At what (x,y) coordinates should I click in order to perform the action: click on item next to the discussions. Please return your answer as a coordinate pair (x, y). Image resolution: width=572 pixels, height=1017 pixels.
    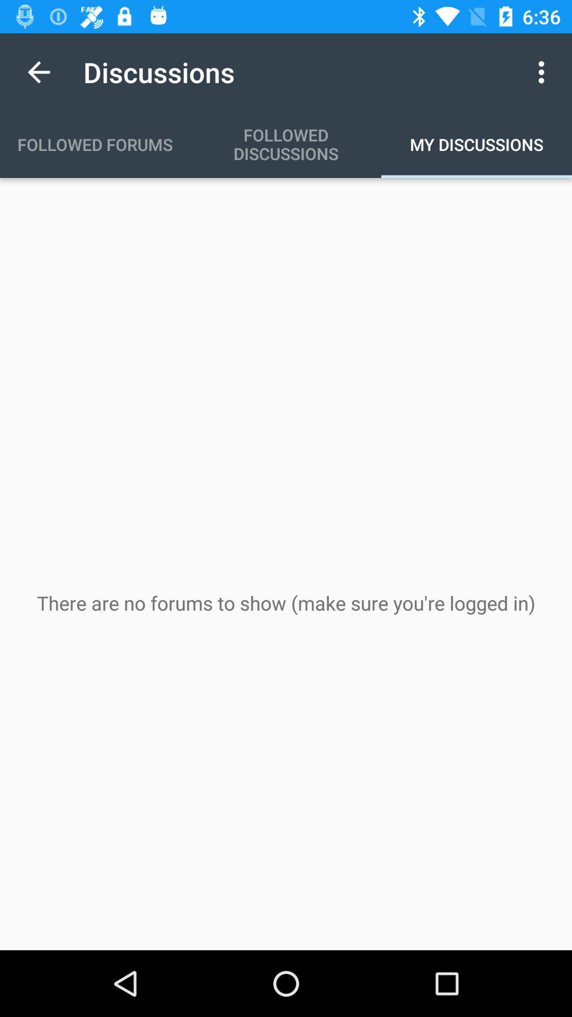
    Looking at the image, I should click on (38, 72).